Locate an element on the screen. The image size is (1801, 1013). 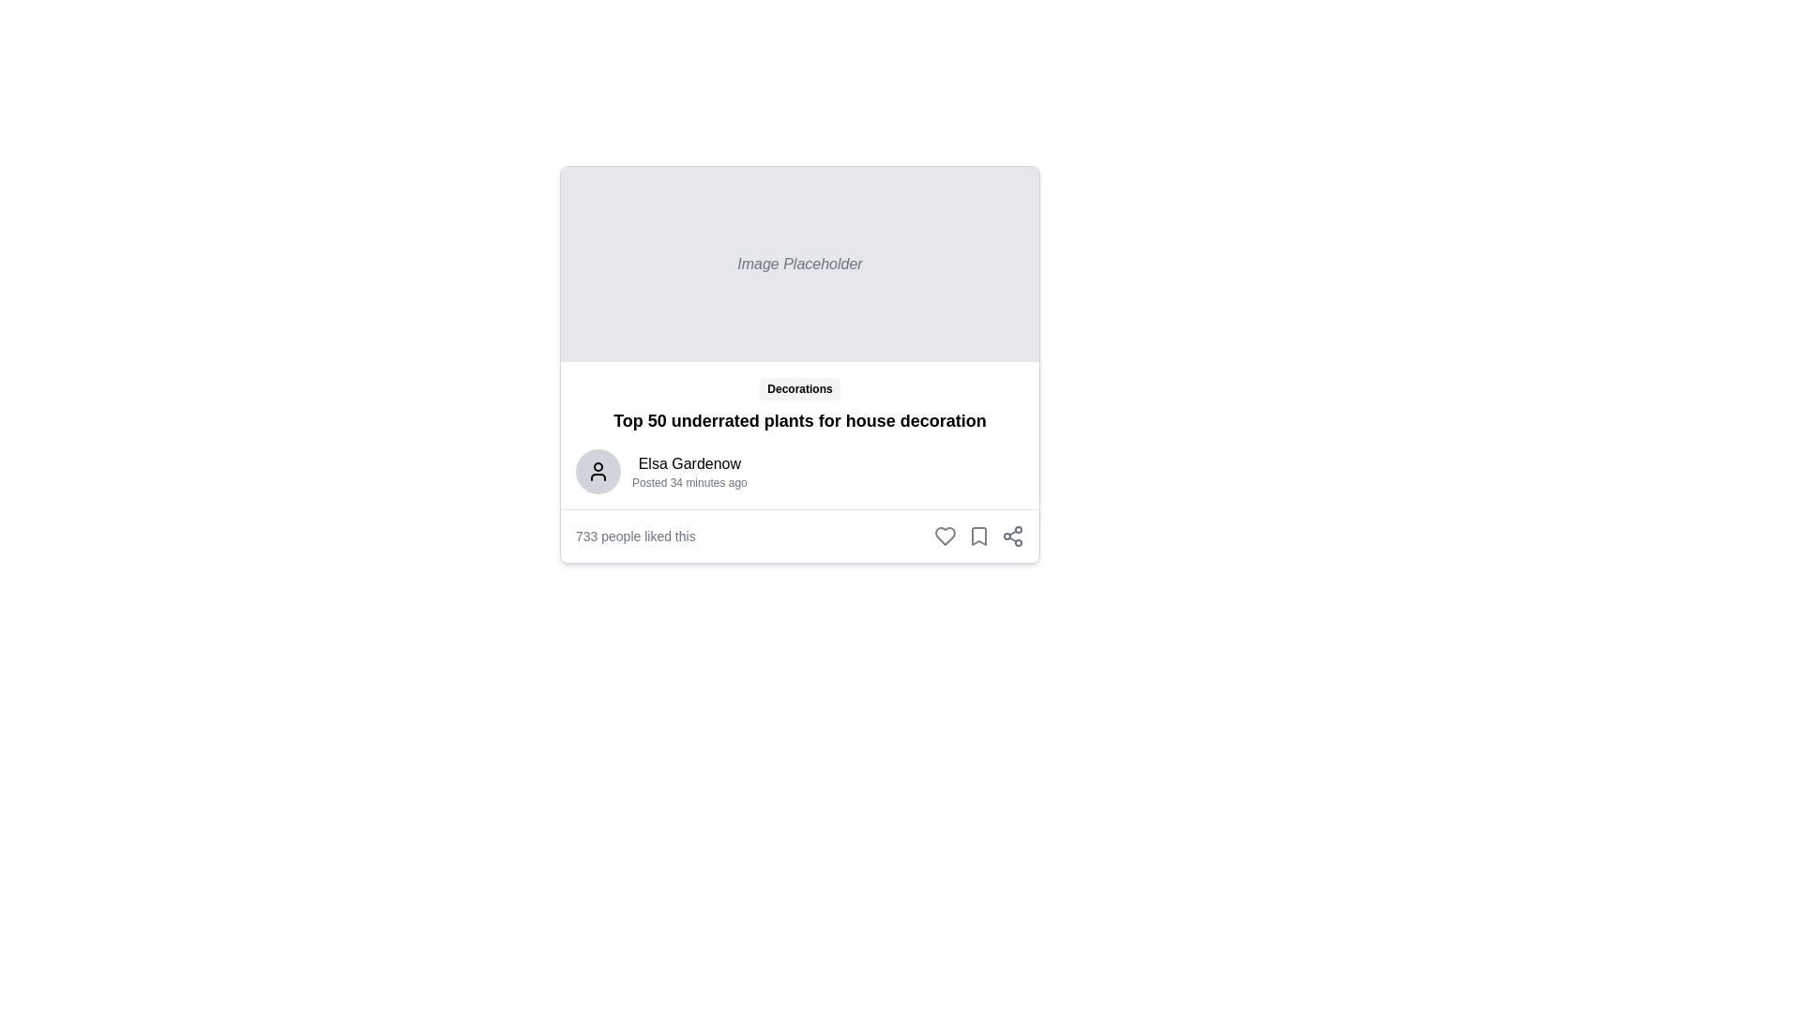
the Content Summary Section that contains the badge 'Decorations', the title 'Top 50 underrated plants for house decoration', and the subtext 'Elsa Gardenow Posted 34 minutes ago' is located at coordinates (800, 434).